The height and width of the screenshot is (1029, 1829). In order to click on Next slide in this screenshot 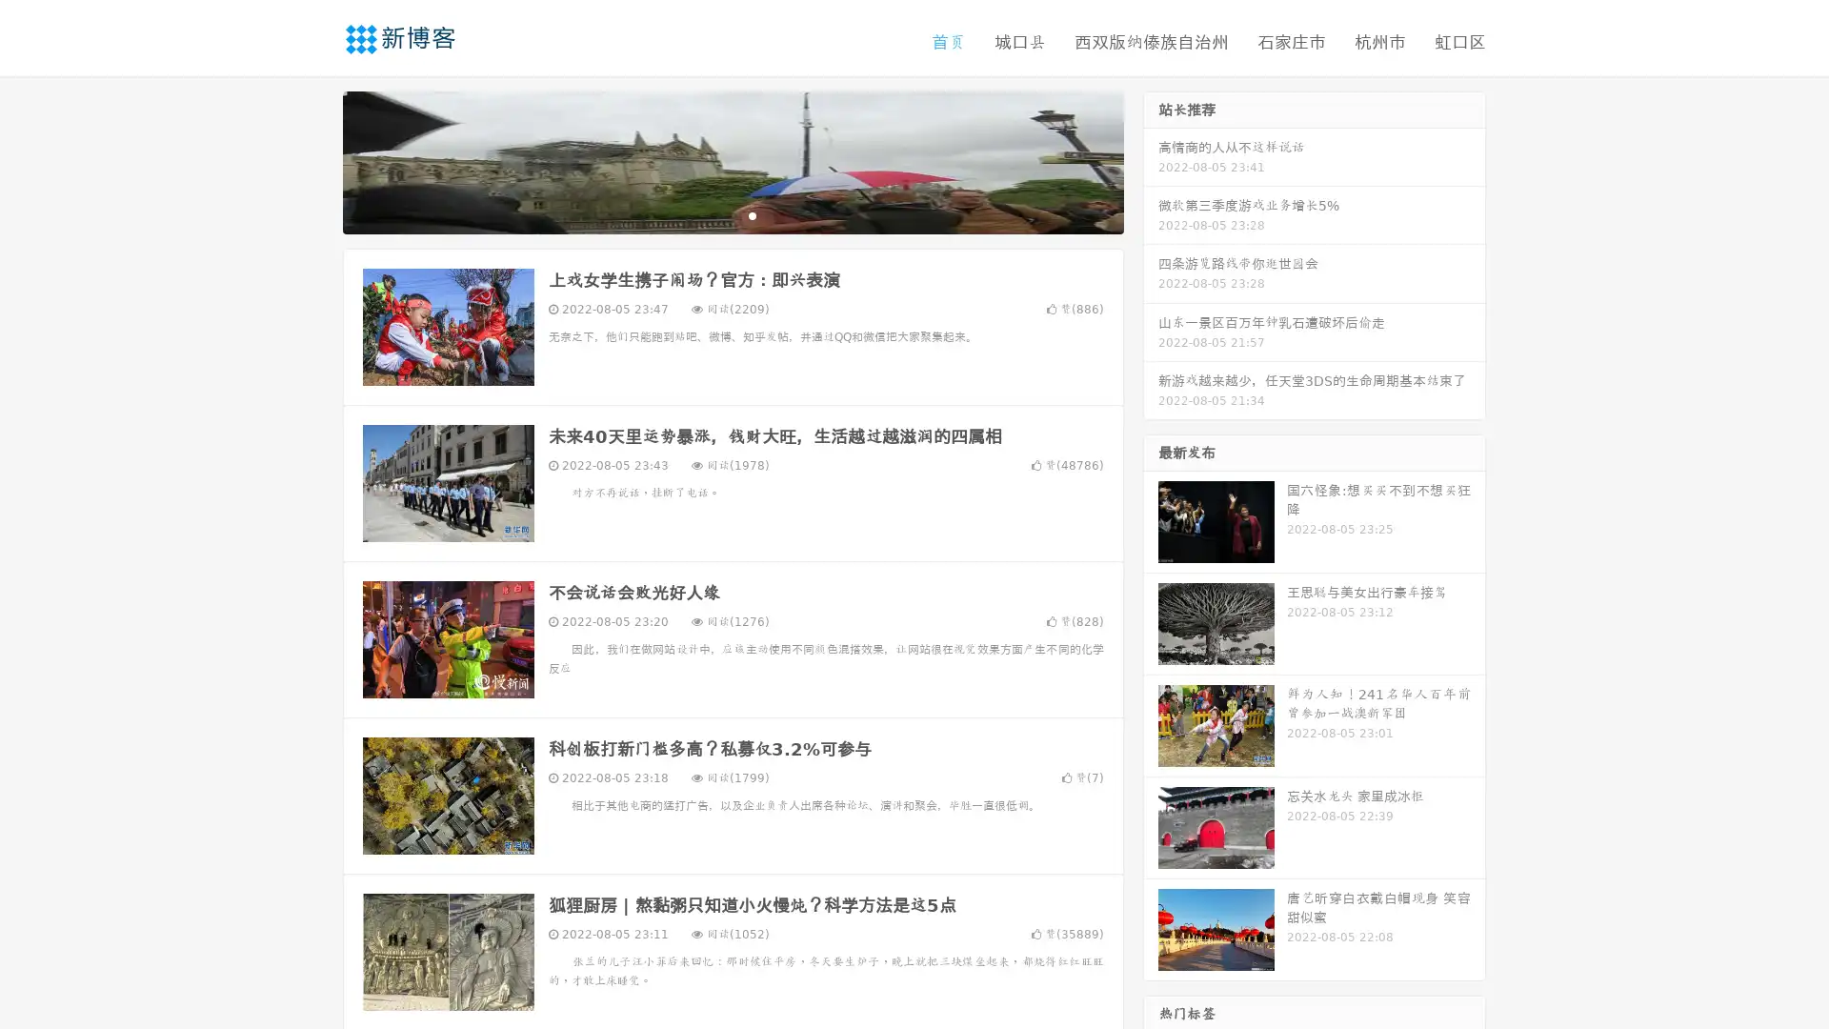, I will do `click(1151, 160)`.